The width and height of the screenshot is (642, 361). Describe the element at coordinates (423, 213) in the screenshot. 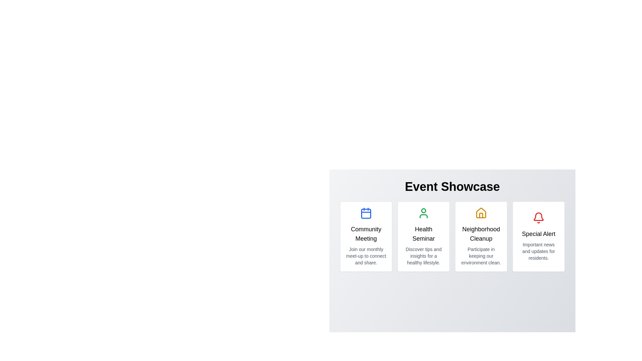

I see `the green user icon, which is centrally located above the 'Health Seminar' text within the event card layout` at that location.